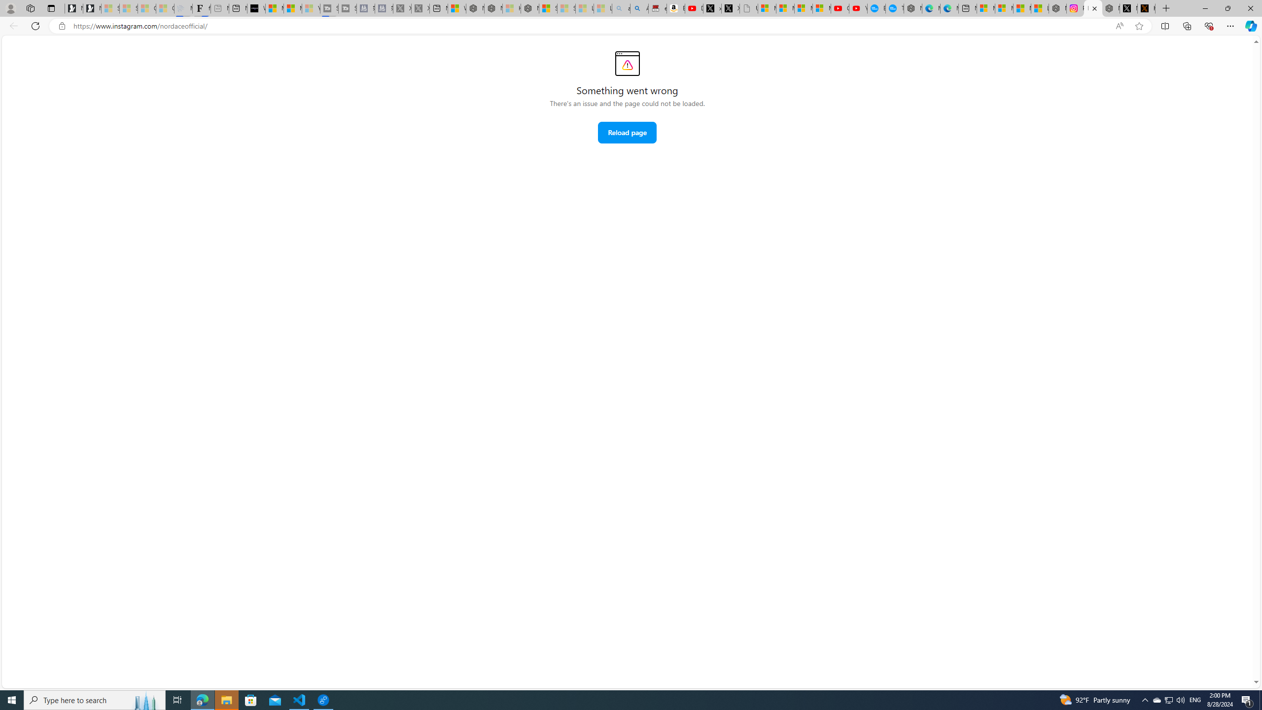 Image resolution: width=1262 pixels, height=710 pixels. I want to click on 'Nordace (@NordaceOfficial) / X', so click(1128, 8).